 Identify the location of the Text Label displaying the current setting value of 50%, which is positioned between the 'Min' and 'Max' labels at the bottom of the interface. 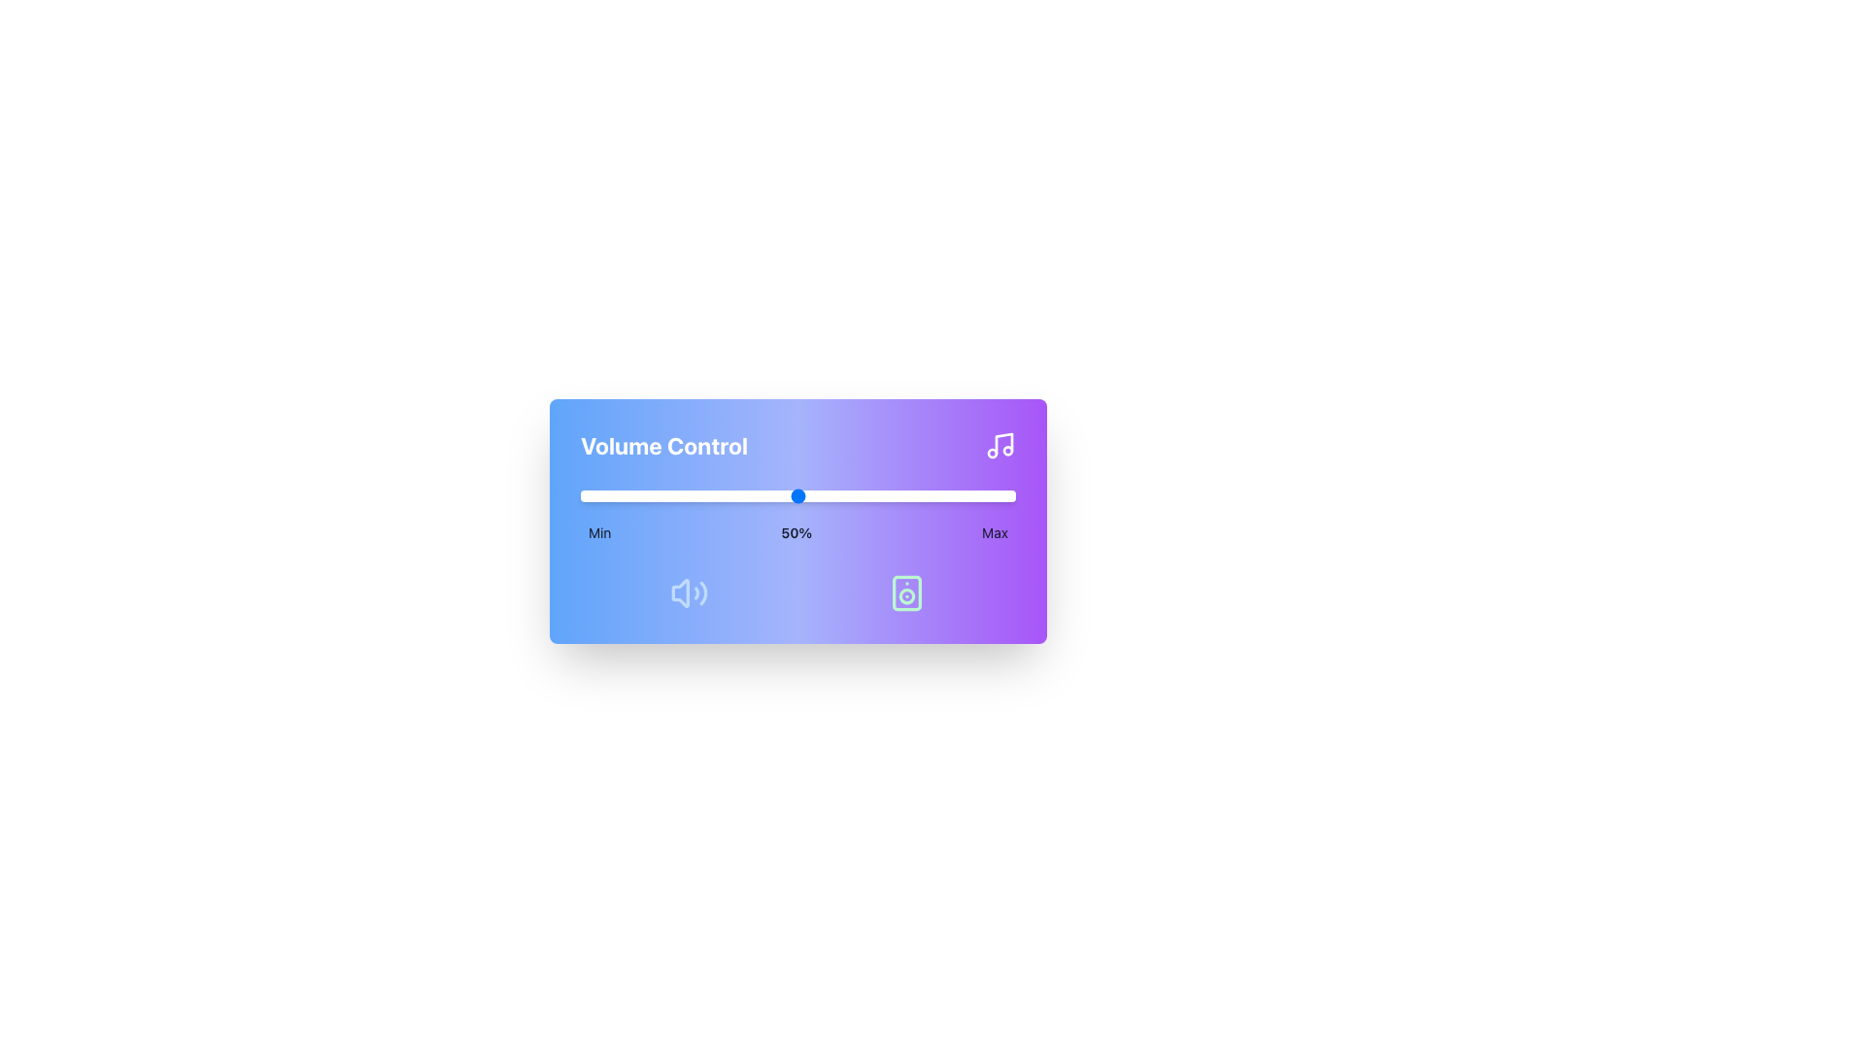
(797, 532).